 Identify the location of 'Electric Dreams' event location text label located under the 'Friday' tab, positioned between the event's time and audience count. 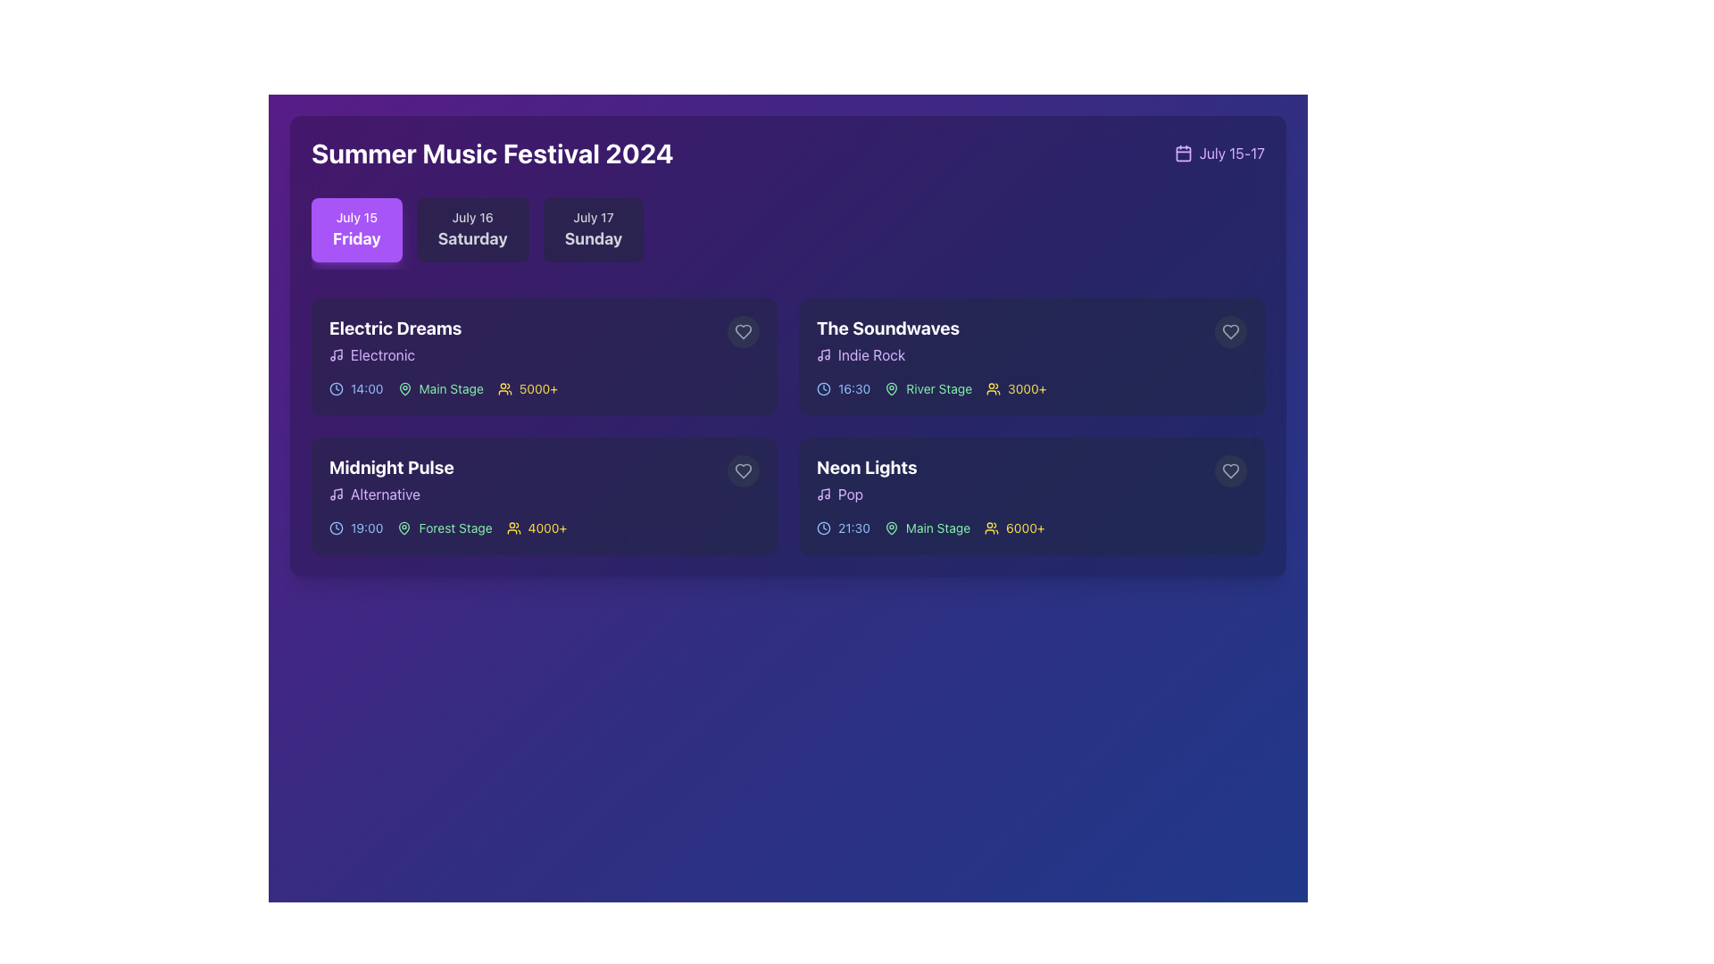
(440, 387).